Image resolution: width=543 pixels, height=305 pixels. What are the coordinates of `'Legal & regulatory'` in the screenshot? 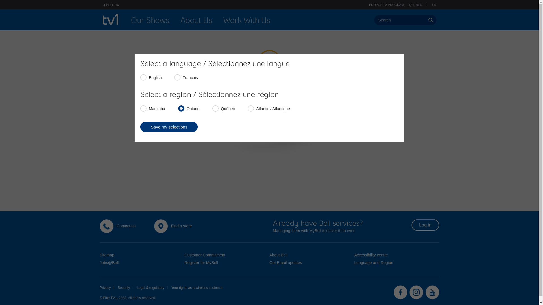 It's located at (152, 288).